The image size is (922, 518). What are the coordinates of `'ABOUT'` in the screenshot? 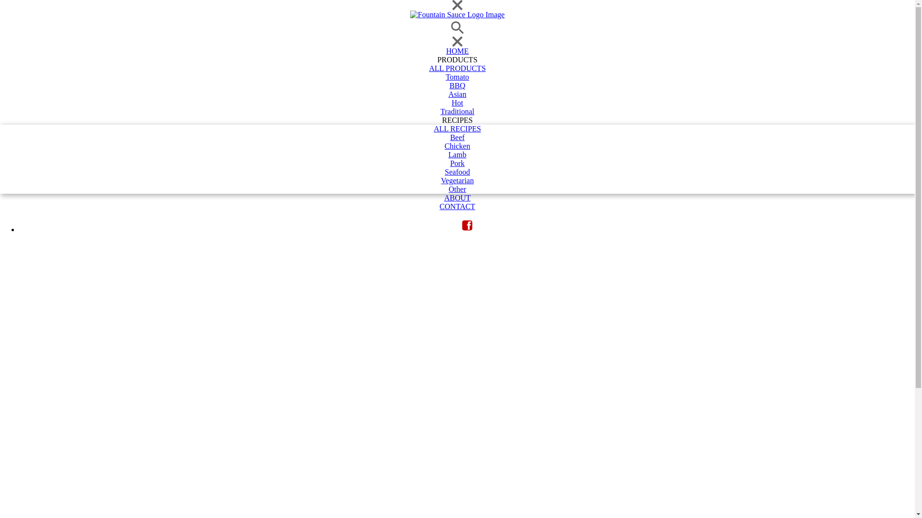 It's located at (0, 197).